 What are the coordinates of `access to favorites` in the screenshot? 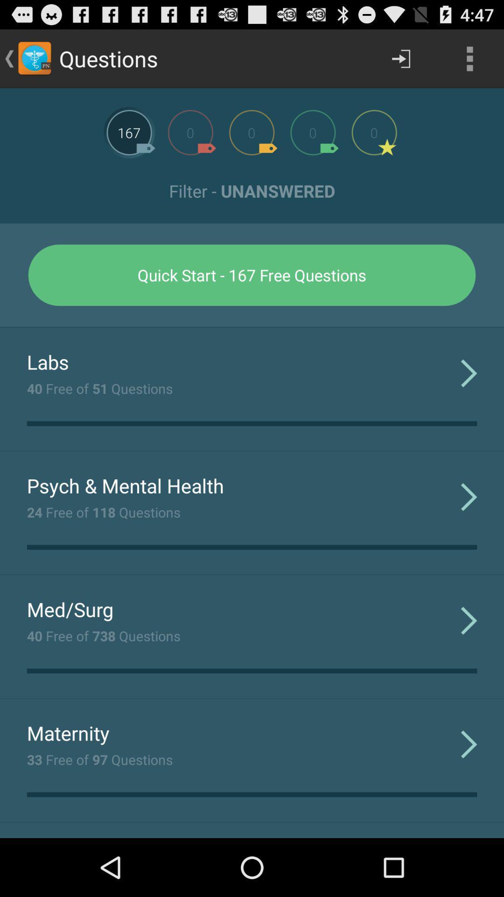 It's located at (374, 132).